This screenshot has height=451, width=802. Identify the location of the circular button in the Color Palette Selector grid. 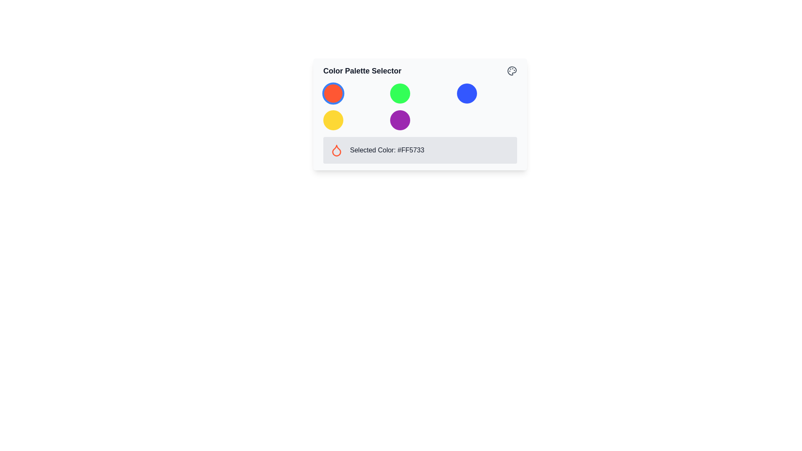
(420, 109).